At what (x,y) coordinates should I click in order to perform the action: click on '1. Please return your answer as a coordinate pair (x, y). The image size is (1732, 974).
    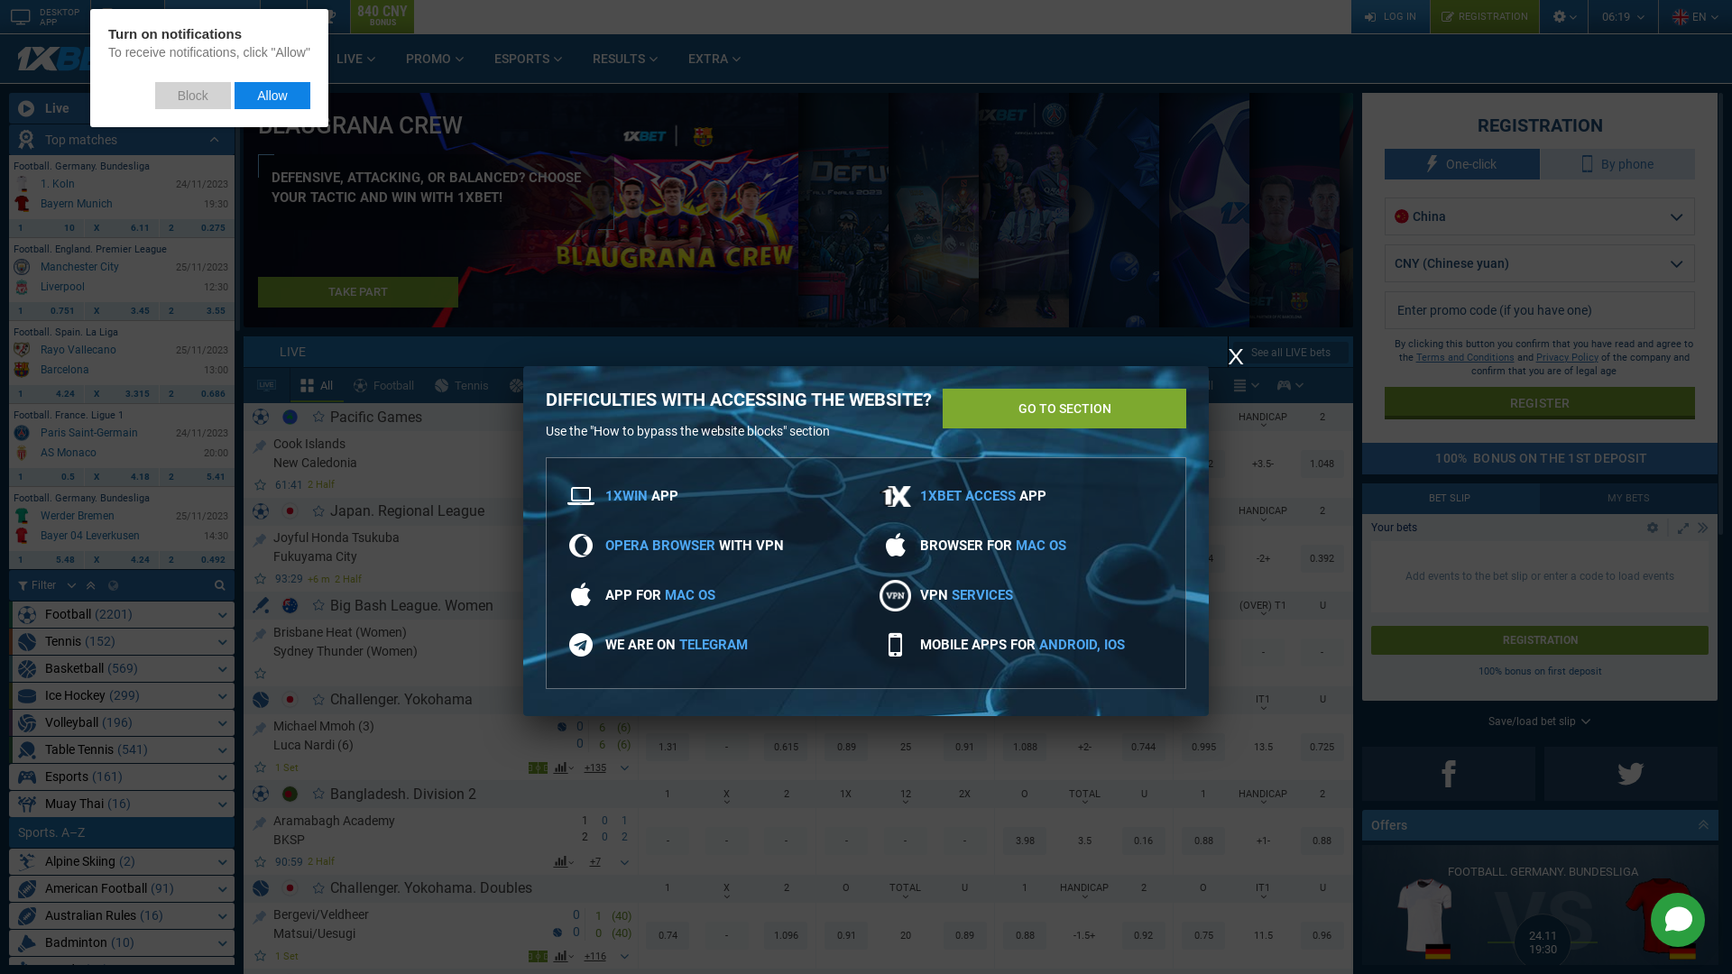
    Looking at the image, I should click on (46, 559).